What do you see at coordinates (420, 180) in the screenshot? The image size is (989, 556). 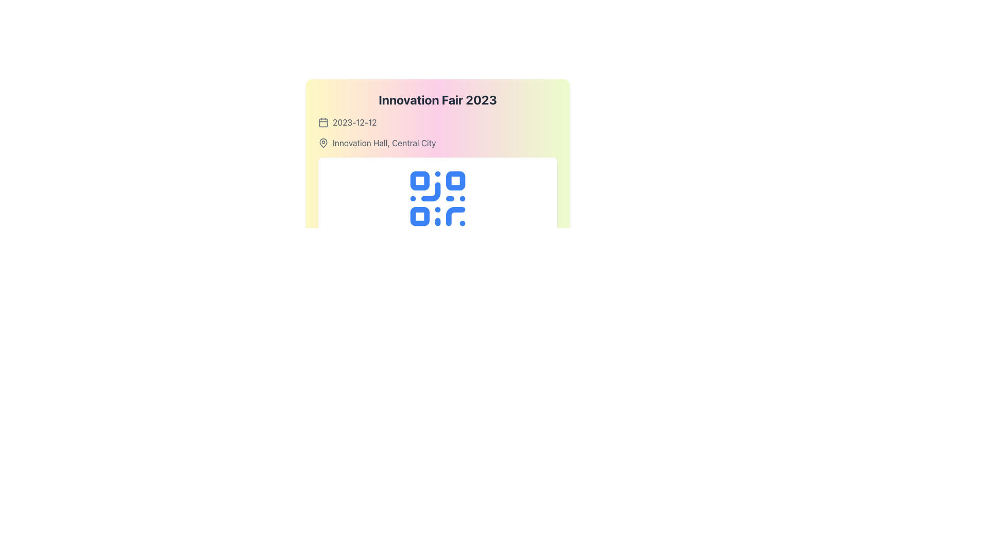 I see `the top-left square of the QR code graphic, which is part of the 'Innovation Fair 2023' interface` at bounding box center [420, 180].